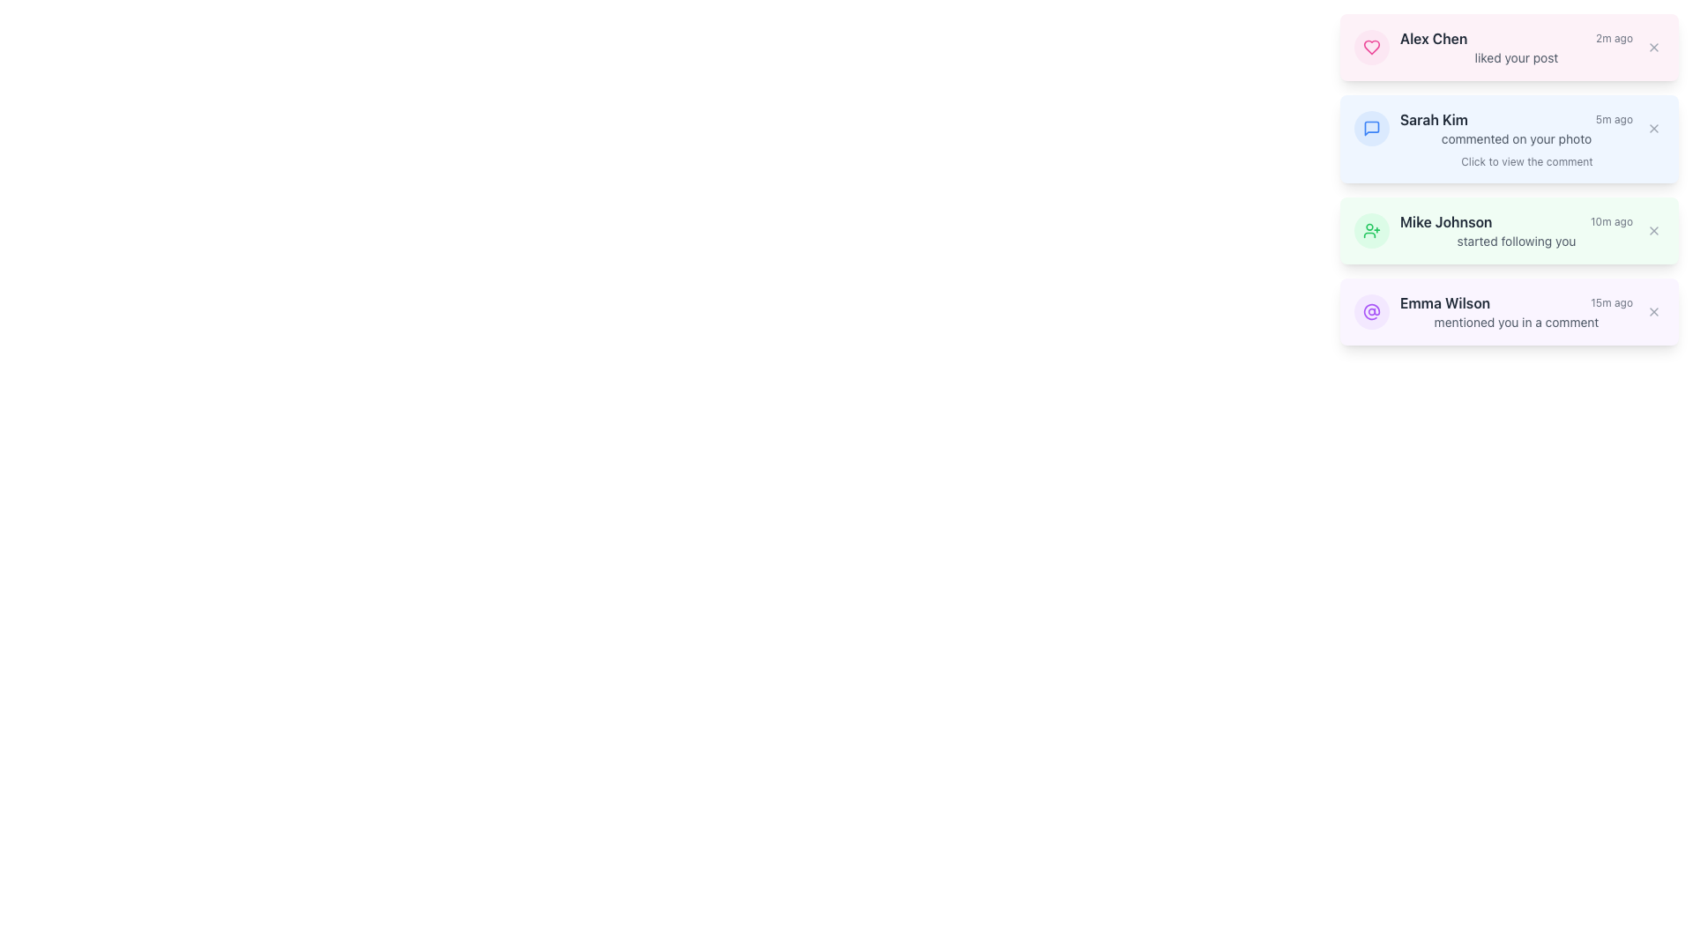 This screenshot has width=1693, height=952. I want to click on the like notification icon located at the top of the notification card, so click(1370, 47).